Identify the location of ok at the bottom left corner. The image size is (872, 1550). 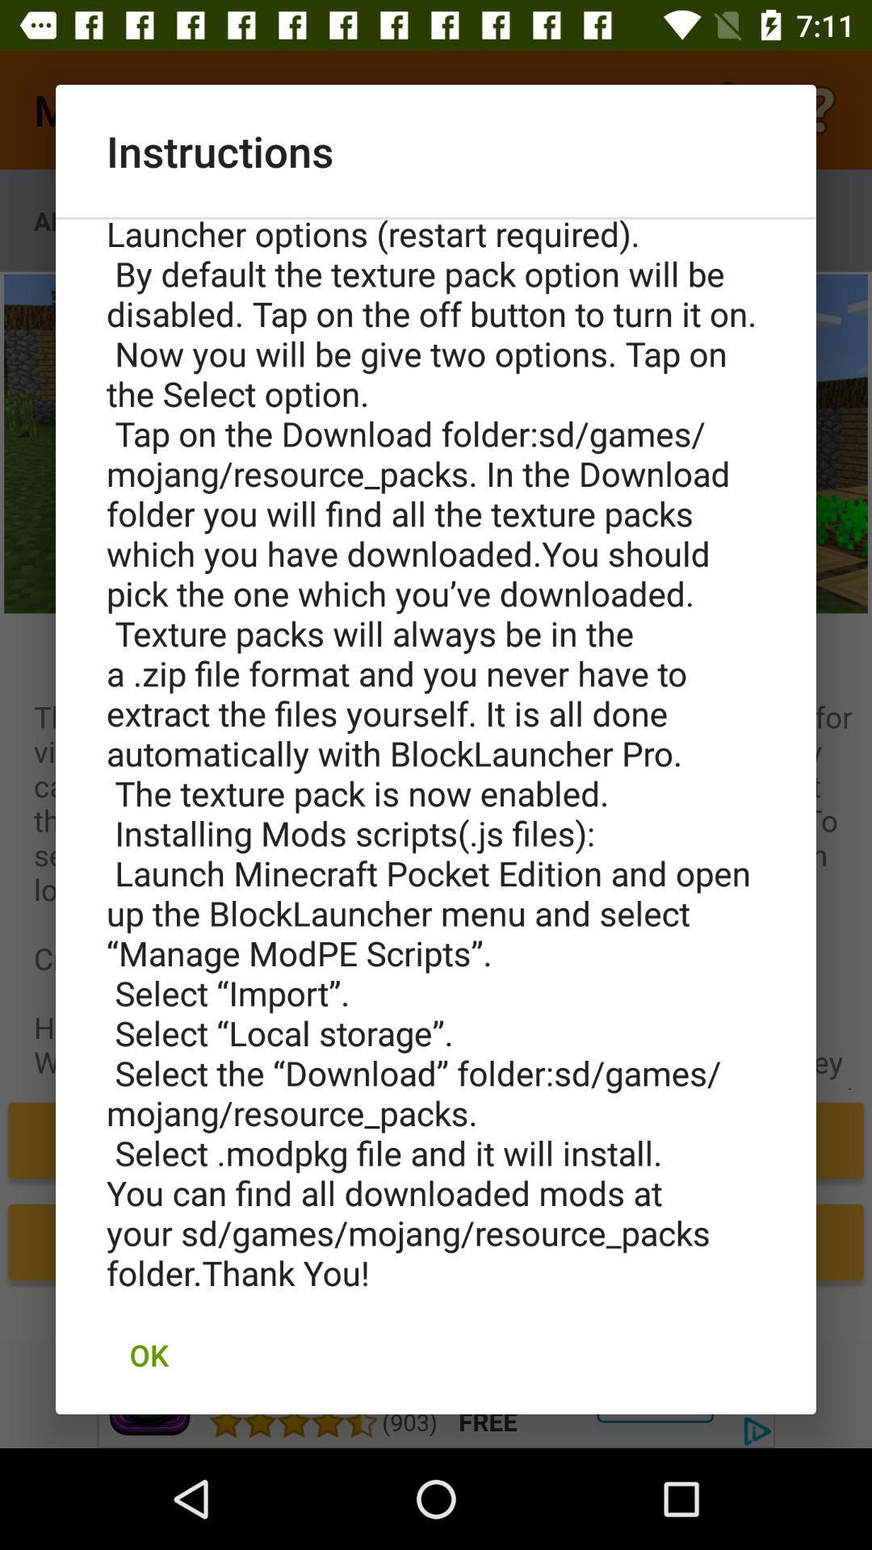
(149, 1355).